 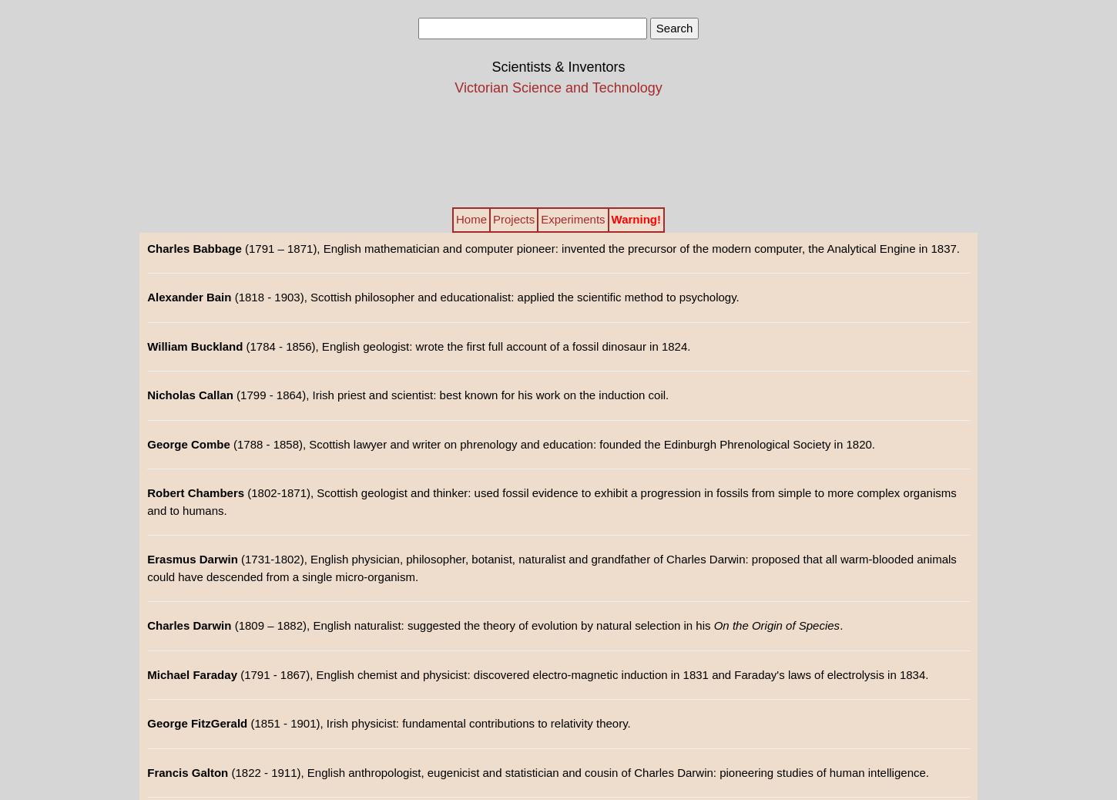 I want to click on '(1784 - 1856), English geologist: wrote the first full account of a fossil dinosaur in 1824.', so click(x=465, y=345).